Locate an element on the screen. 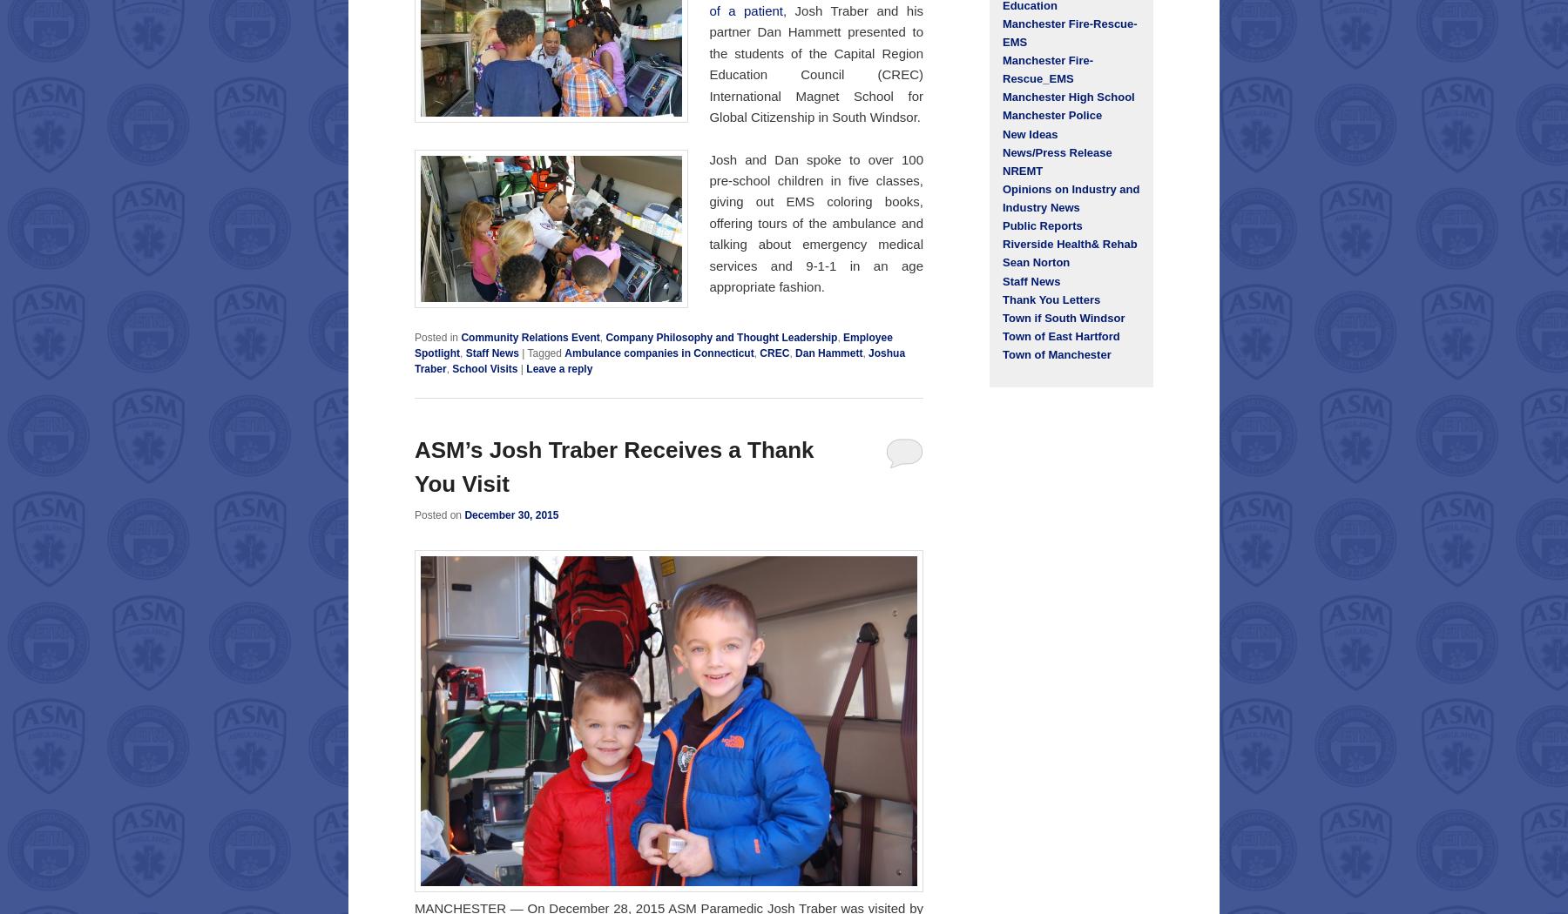 Image resolution: width=1568 pixels, height=914 pixels. 'Town of Manchester' is located at coordinates (1056, 354).